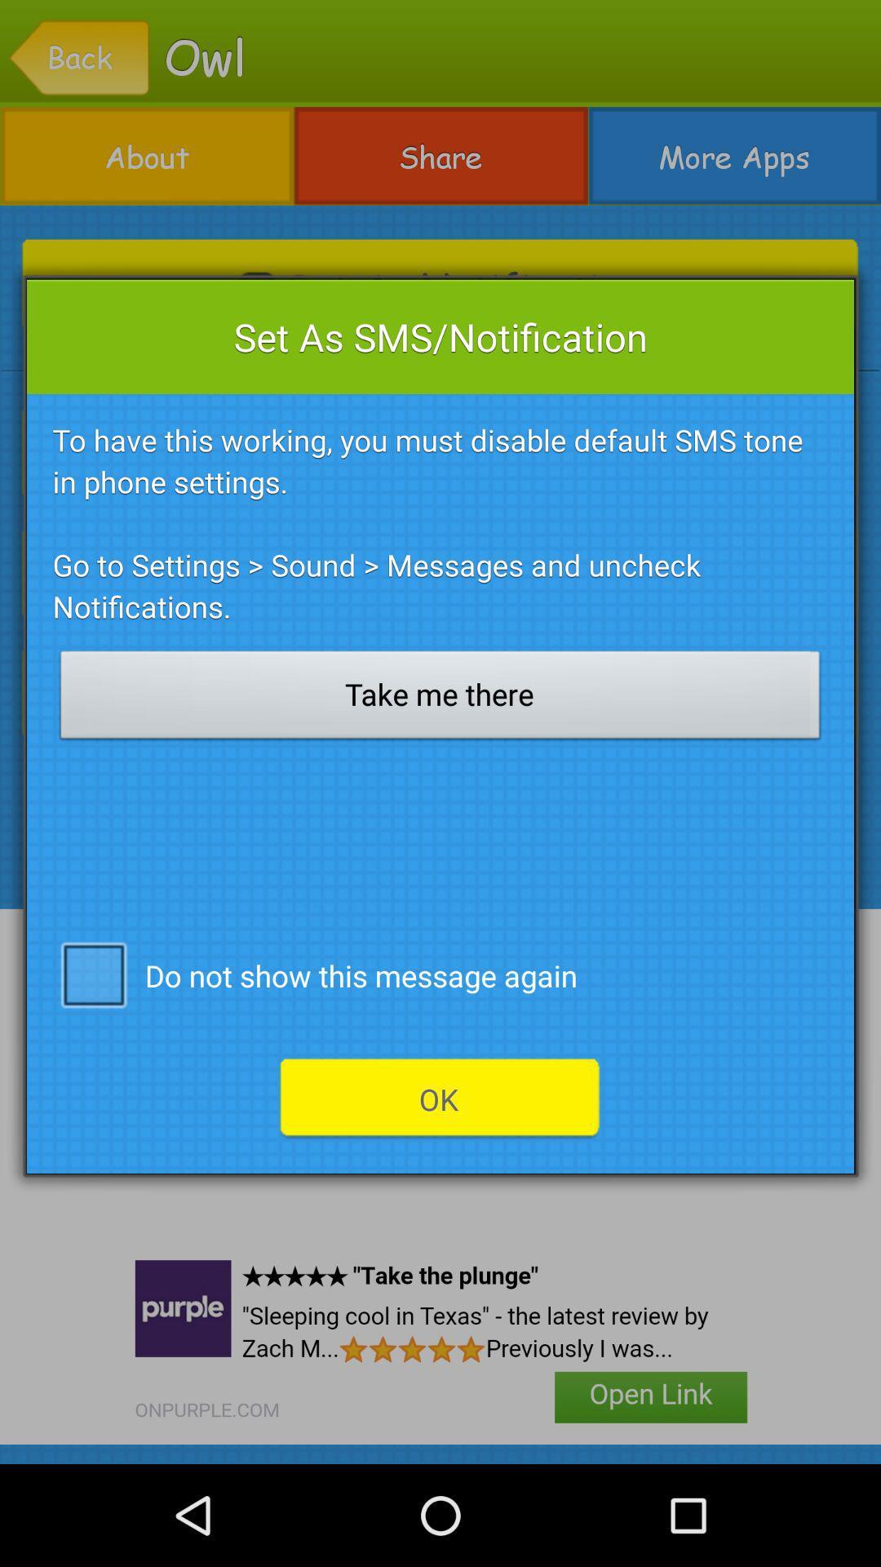  What do you see at coordinates (439, 1099) in the screenshot?
I see `the icon at the bottom` at bounding box center [439, 1099].